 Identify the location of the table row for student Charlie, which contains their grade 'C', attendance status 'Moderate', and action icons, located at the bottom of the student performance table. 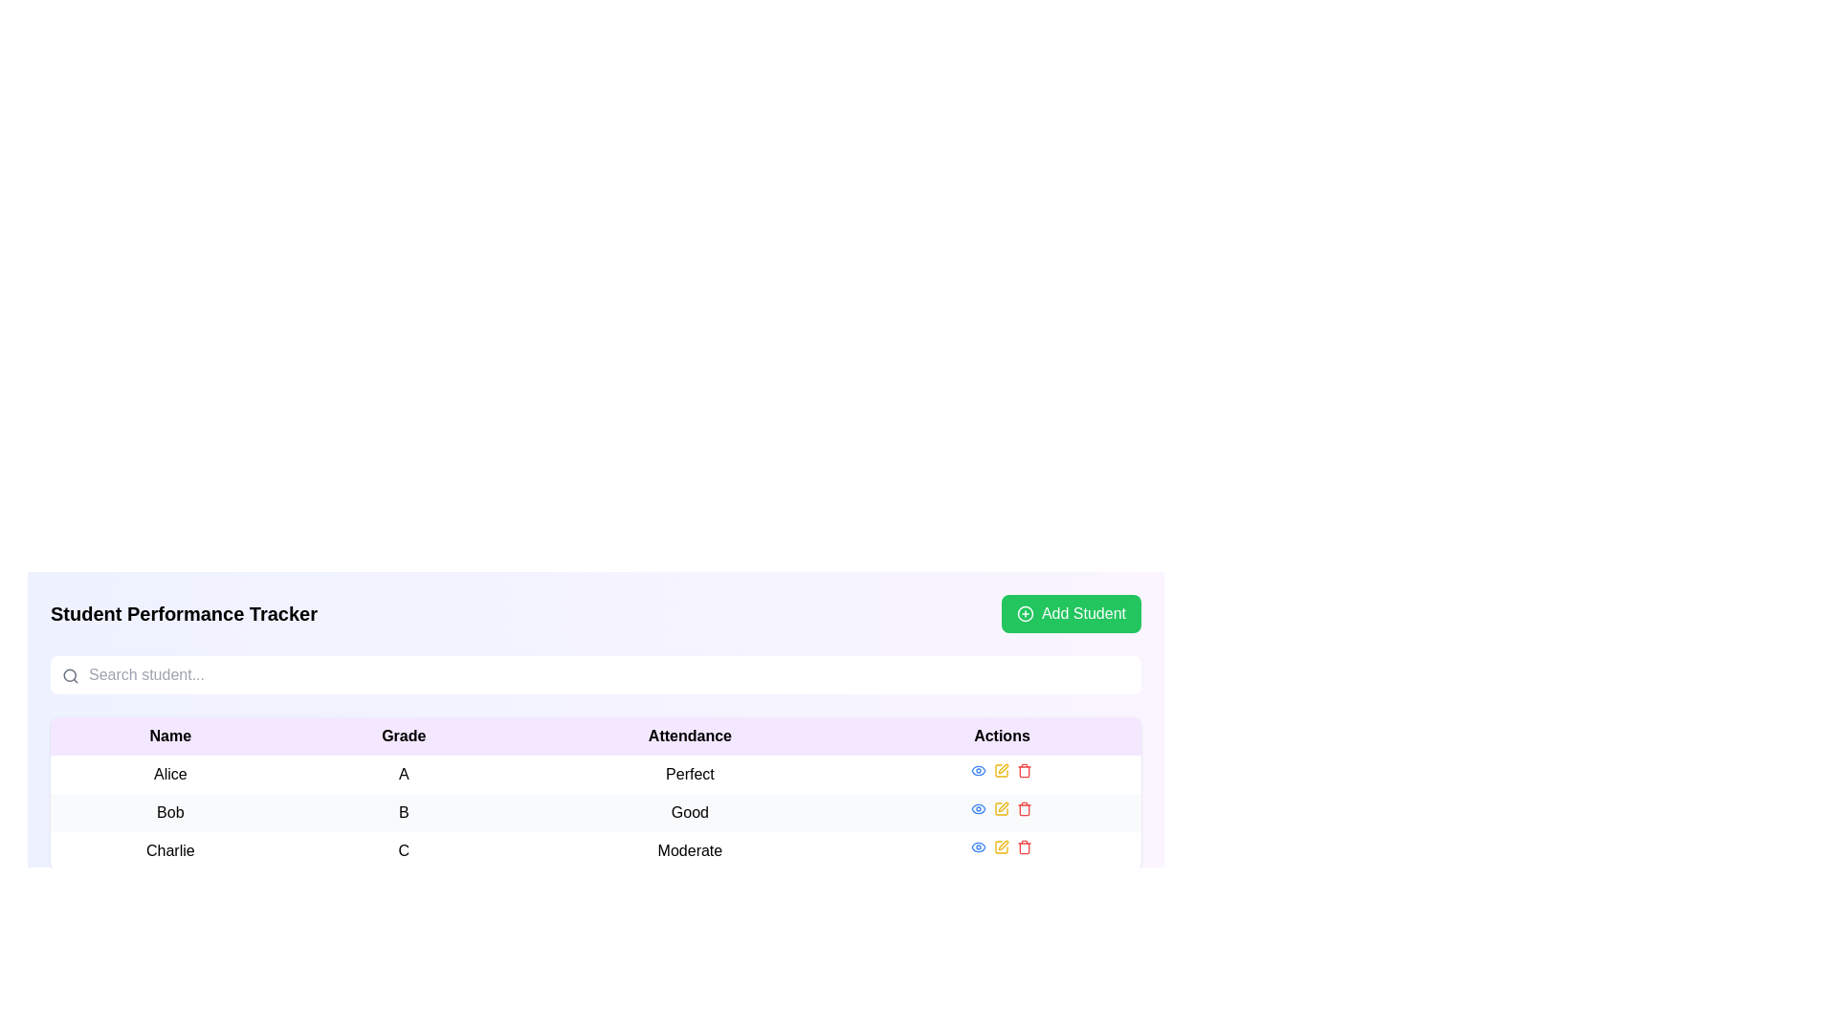
(595, 850).